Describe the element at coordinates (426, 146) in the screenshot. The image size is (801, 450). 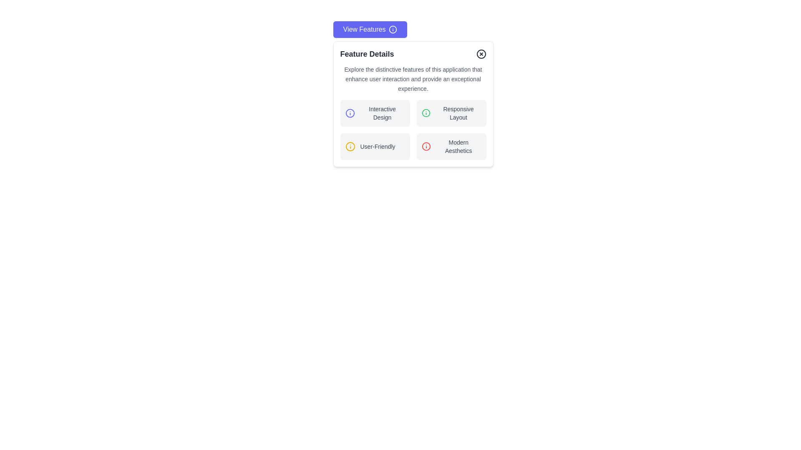
I see `the 'Modern Aesthetics' icon located at the left side of the 'Modern Aesthetics' text for additional context or information` at that location.